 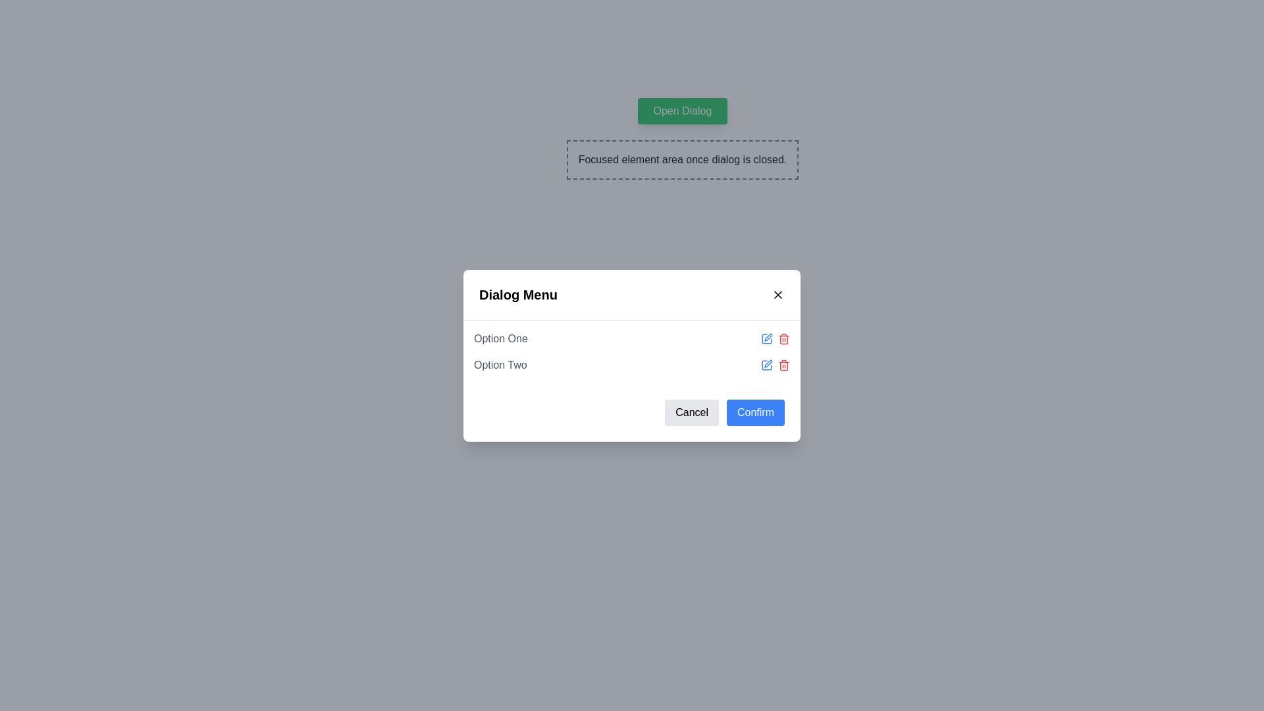 What do you see at coordinates (783, 365) in the screenshot?
I see `the main body of the trash can icon located in the 'Dialog Menu' under 'Option Two'` at bounding box center [783, 365].